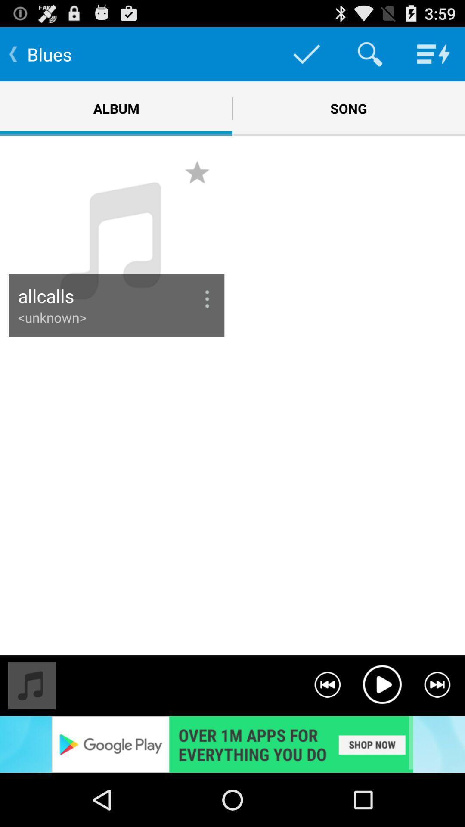 The width and height of the screenshot is (465, 827). What do you see at coordinates (306, 57) in the screenshot?
I see `the check icon` at bounding box center [306, 57].